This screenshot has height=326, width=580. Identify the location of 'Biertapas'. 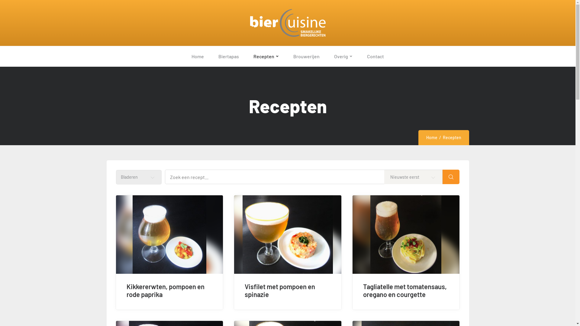
(228, 56).